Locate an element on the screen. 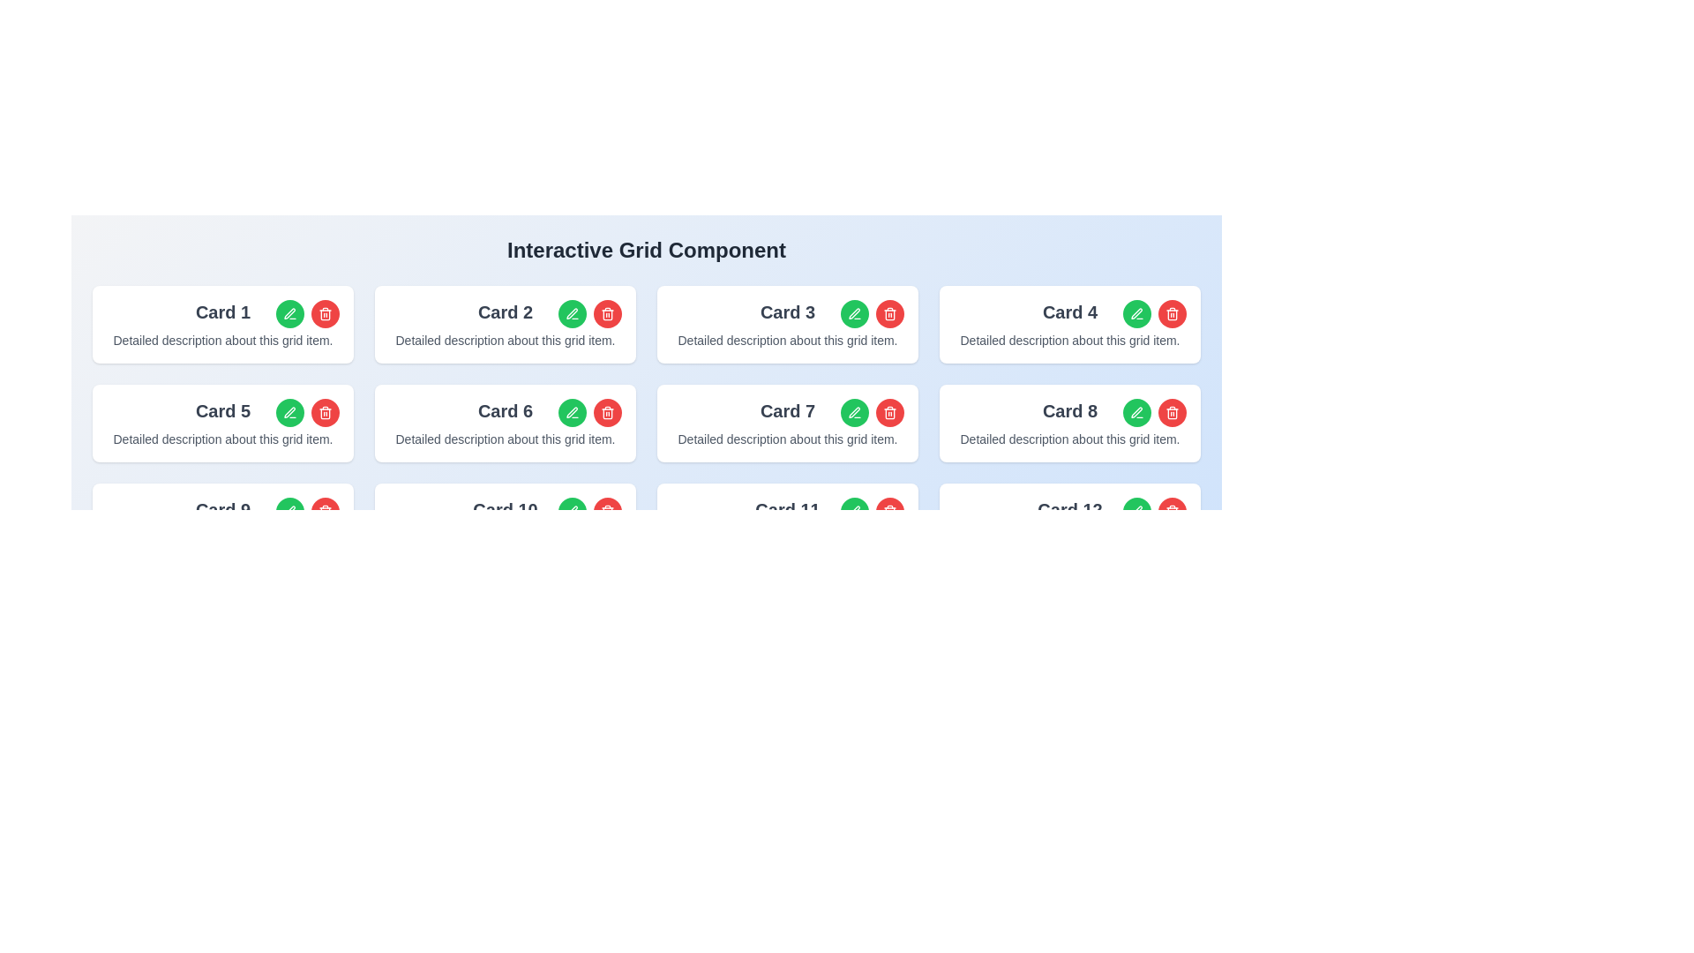 The height and width of the screenshot is (953, 1694). the delete button located in the top-right corner of 'Card 8' to initiate the deletion of the card is located at coordinates (1173, 412).